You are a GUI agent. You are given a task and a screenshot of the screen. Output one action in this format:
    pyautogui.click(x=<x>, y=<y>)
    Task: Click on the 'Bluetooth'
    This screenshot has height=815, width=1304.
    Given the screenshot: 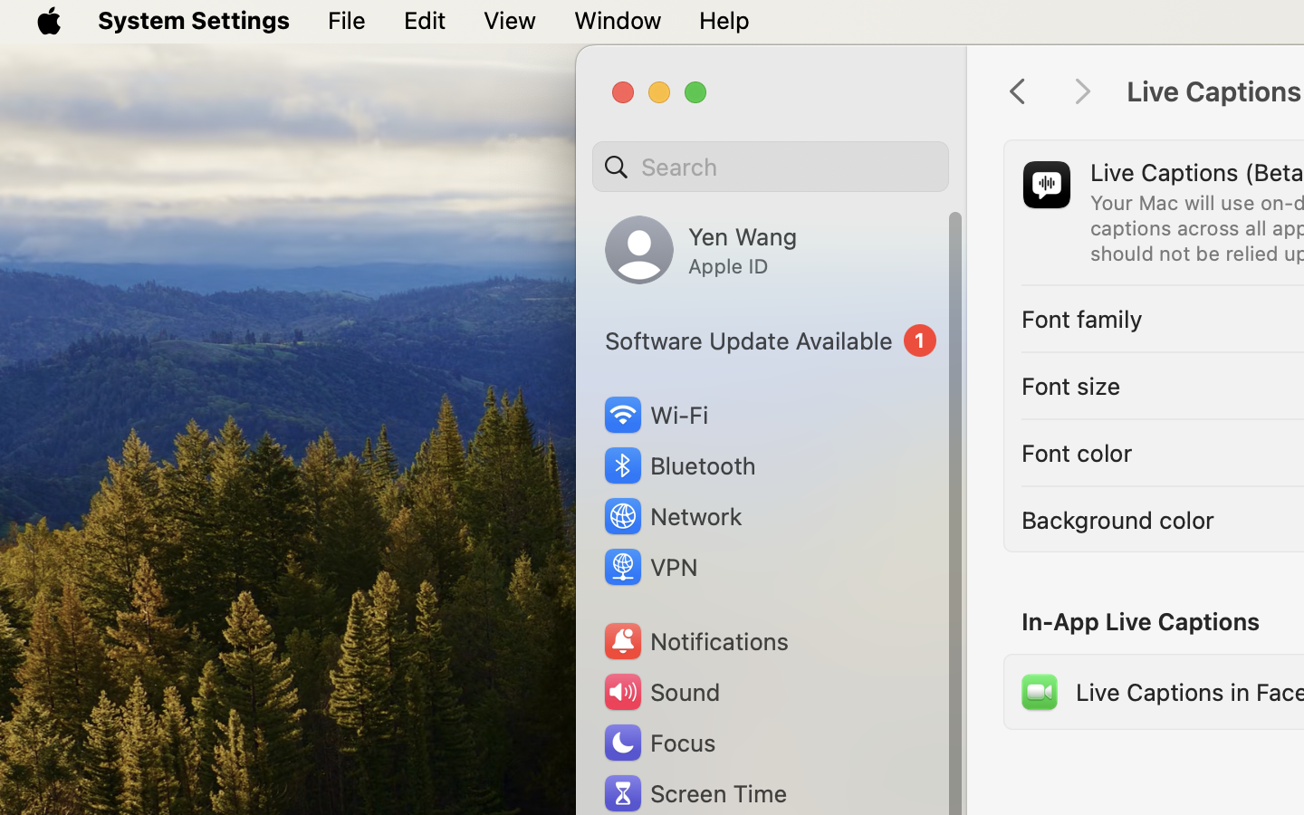 What is the action you would take?
    pyautogui.click(x=677, y=464)
    